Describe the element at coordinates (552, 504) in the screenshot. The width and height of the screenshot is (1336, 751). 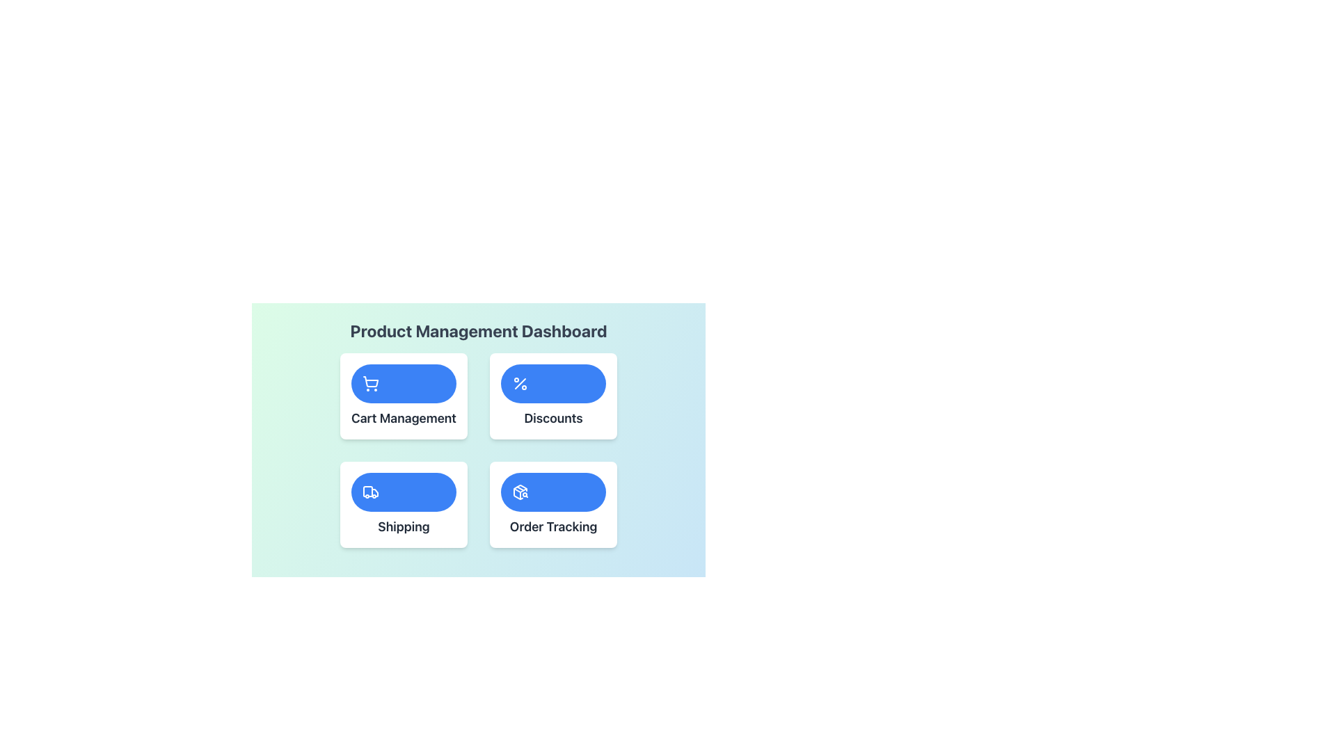
I see `the button located at the bottom-right of the grid layout` at that location.